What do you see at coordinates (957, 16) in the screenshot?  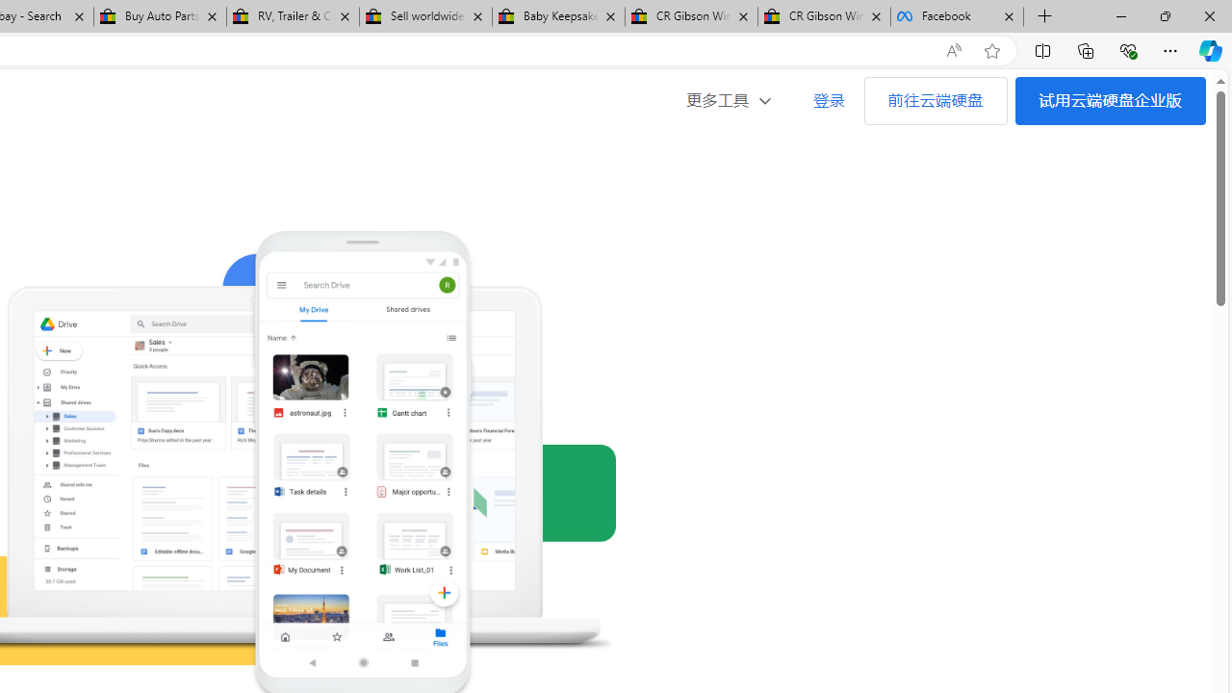 I see `'Facebook'` at bounding box center [957, 16].